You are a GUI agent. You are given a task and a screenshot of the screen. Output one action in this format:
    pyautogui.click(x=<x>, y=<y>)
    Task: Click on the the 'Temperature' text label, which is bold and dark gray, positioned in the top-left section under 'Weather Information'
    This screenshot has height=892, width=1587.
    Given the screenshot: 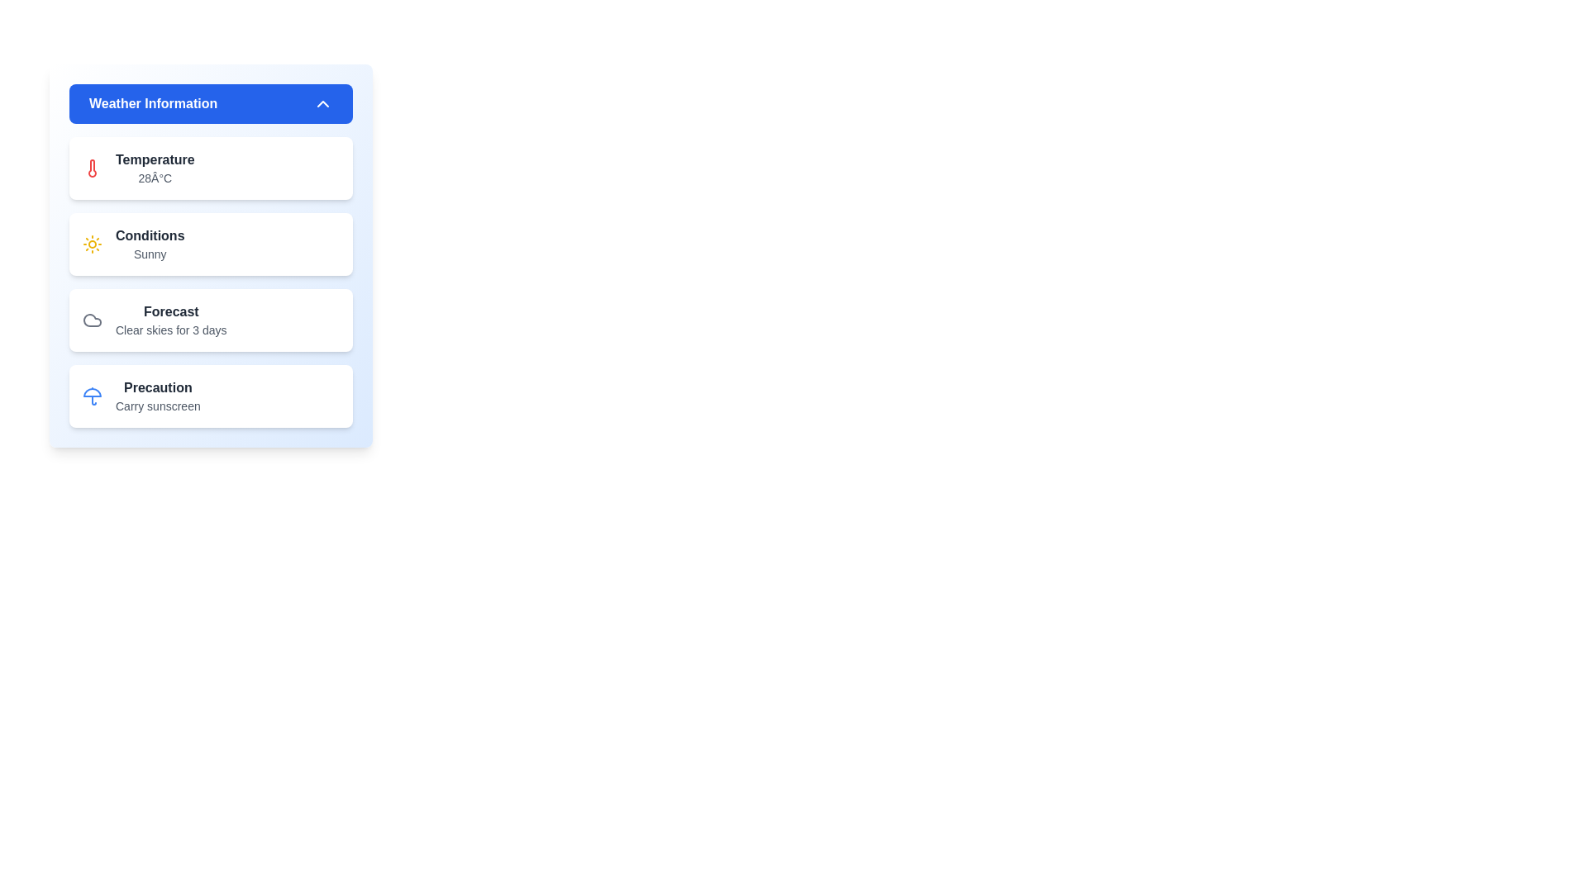 What is the action you would take?
    pyautogui.click(x=155, y=159)
    